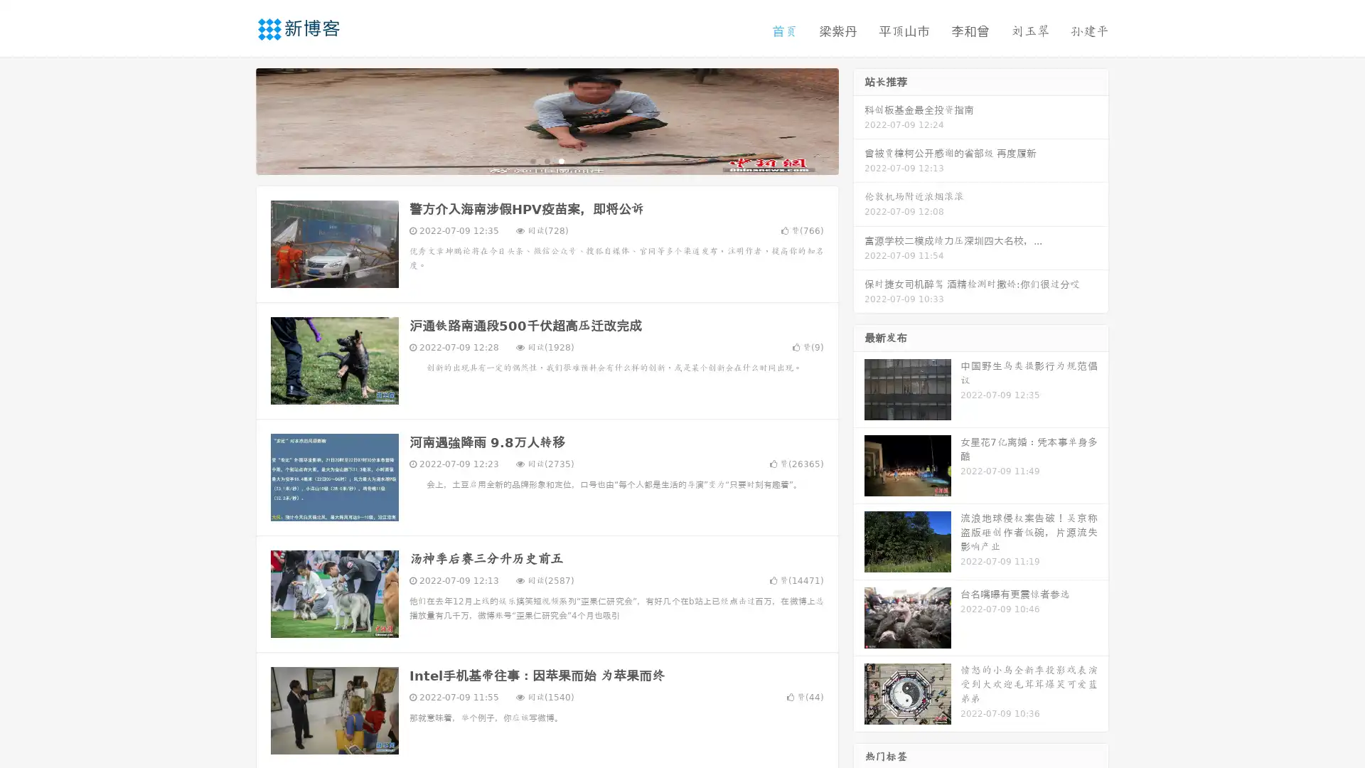  Describe the element at coordinates (561, 160) in the screenshot. I see `Go to slide 3` at that location.